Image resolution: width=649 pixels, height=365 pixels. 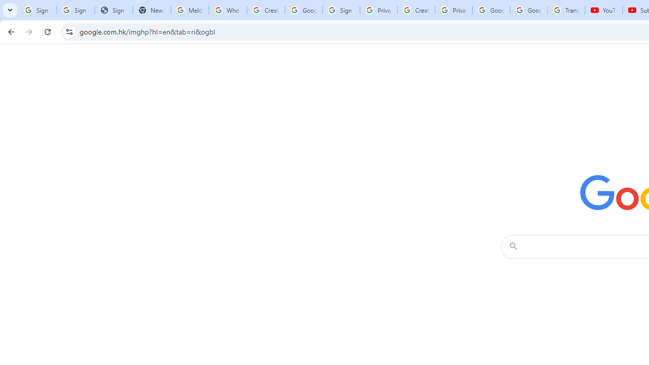 What do you see at coordinates (227, 10) in the screenshot?
I see `'Who is my administrator? - Google Account Help'` at bounding box center [227, 10].